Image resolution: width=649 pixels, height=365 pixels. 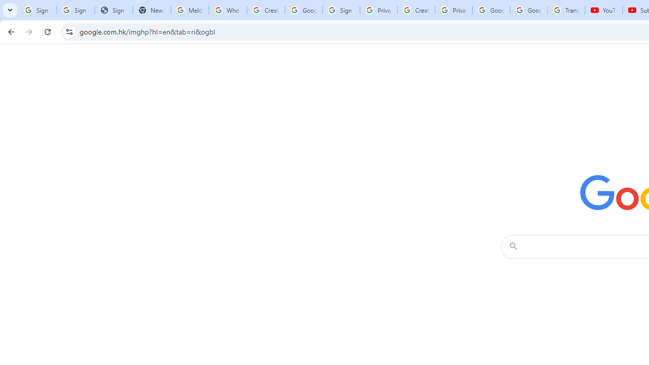 What do you see at coordinates (227, 10) in the screenshot?
I see `'Who is my administrator? - Google Account Help'` at bounding box center [227, 10].